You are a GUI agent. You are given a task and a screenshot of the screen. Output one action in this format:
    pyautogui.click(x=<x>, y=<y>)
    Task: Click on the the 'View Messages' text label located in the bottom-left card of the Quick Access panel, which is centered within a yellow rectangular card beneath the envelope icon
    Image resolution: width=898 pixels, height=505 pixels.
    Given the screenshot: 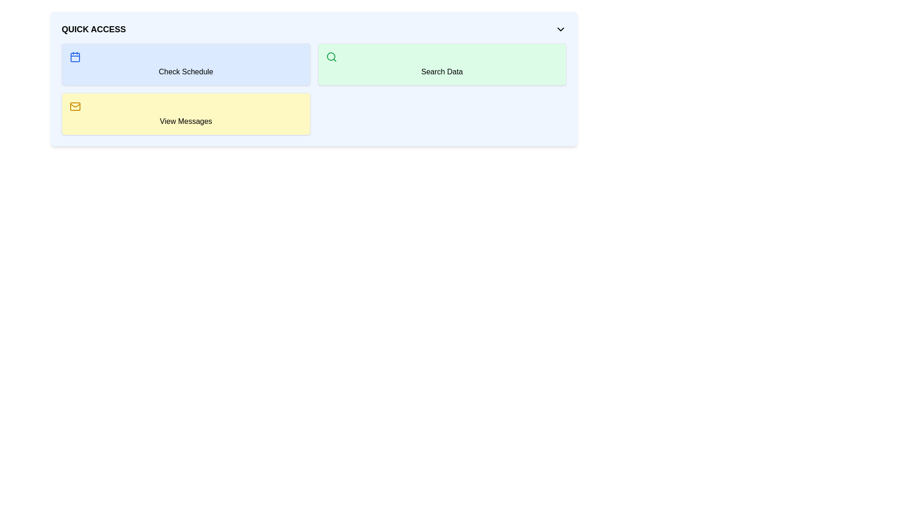 What is the action you would take?
    pyautogui.click(x=186, y=121)
    